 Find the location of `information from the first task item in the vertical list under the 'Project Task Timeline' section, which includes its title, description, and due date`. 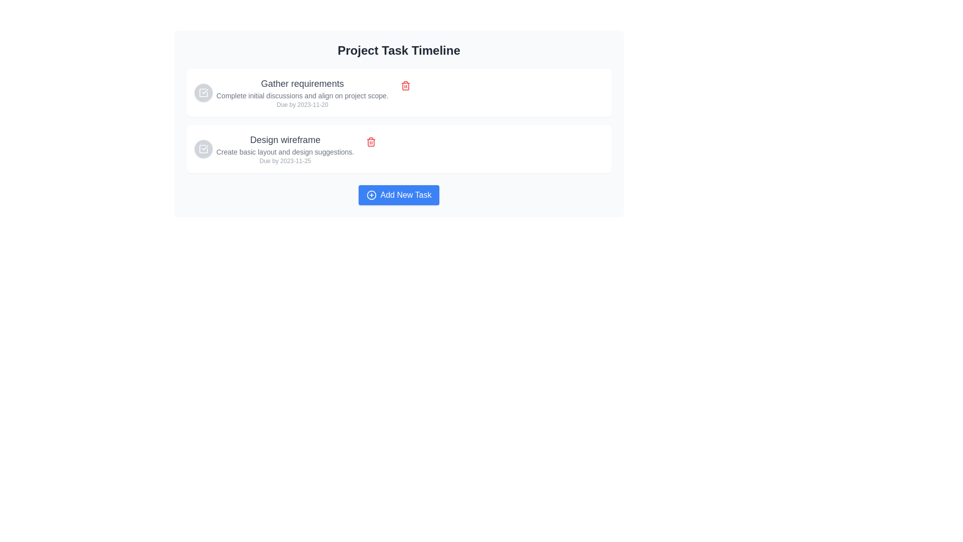

information from the first task item in the vertical list under the 'Project Task Timeline' section, which includes its title, description, and due date is located at coordinates (291, 93).